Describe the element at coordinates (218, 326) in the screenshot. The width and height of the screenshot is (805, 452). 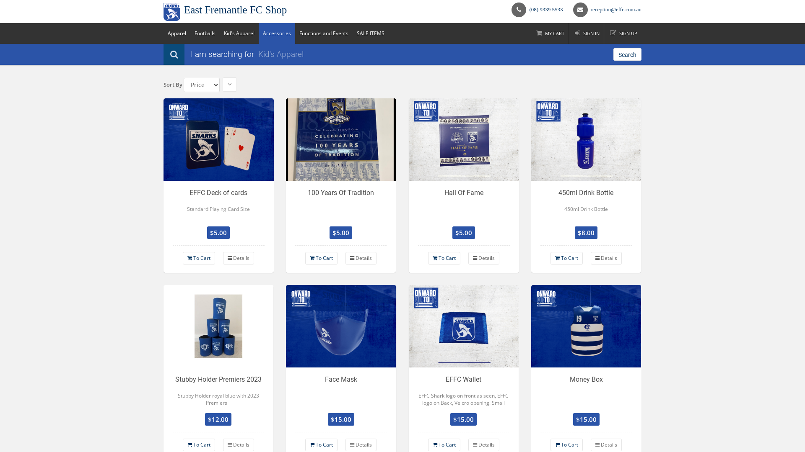
I see `'Stubby Holder Premiers 2023'` at that location.